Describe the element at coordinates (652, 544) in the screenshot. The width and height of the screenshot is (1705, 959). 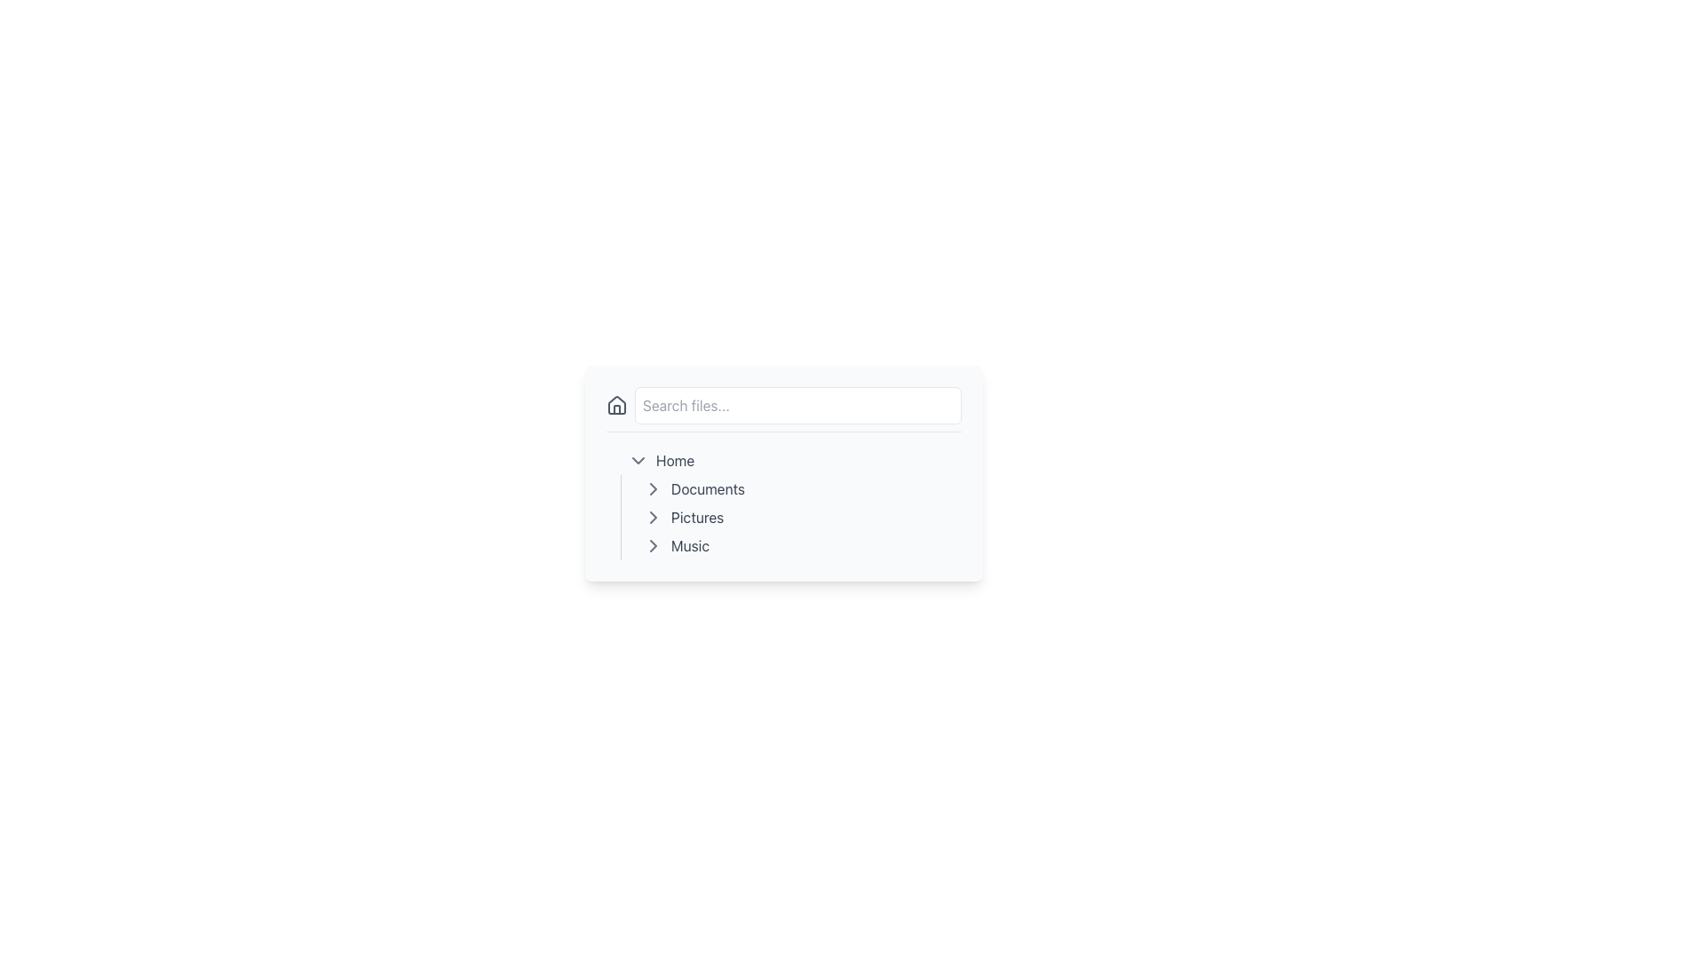
I see `the arrow icon next to the 'Music' entry in the navigation menu` at that location.